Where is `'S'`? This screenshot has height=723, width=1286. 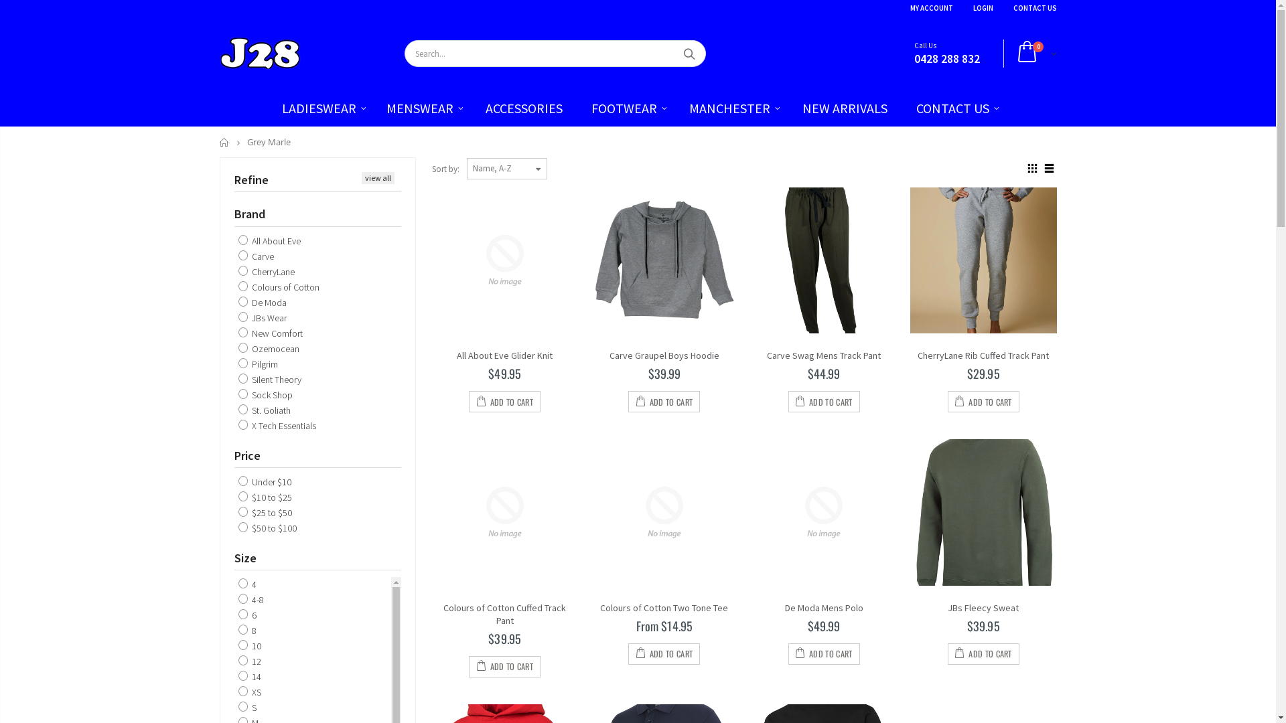
'S' is located at coordinates (247, 706).